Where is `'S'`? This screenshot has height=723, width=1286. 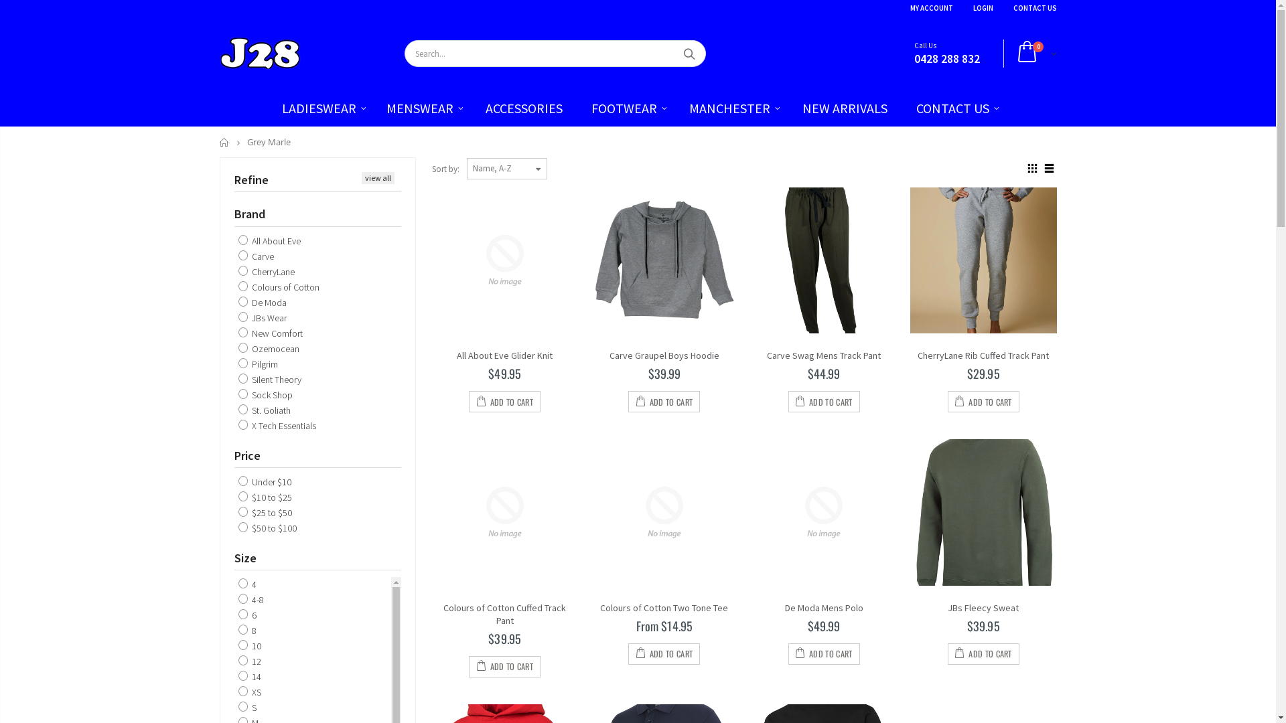
'S' is located at coordinates (247, 706).